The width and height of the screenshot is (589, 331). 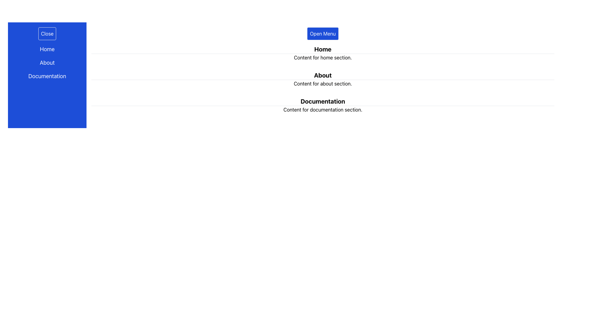 What do you see at coordinates (47, 63) in the screenshot?
I see `the Navigation link located on the left sidebar above the 'Documentation' link` at bounding box center [47, 63].